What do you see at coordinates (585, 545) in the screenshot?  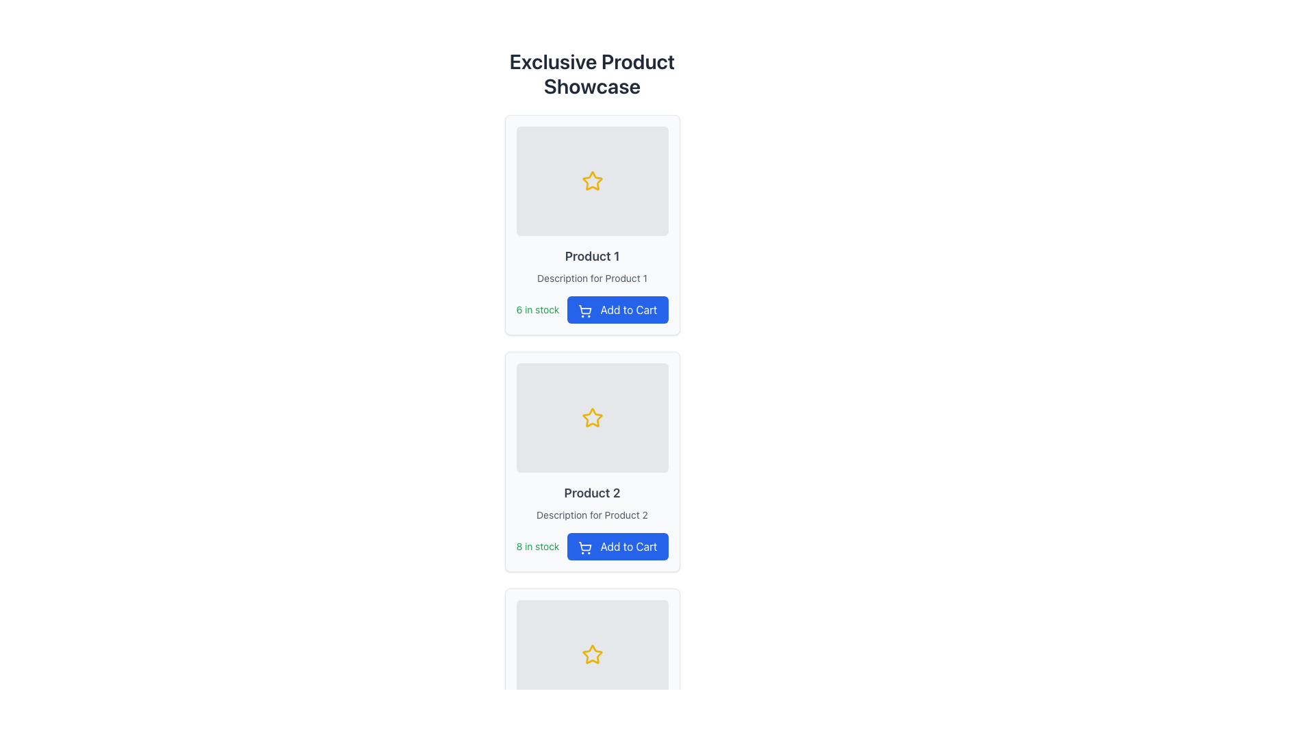 I see `the blue shopping cart icon within the 'Add to Cart' button located beneath the product description of 'Product 2'` at bounding box center [585, 545].